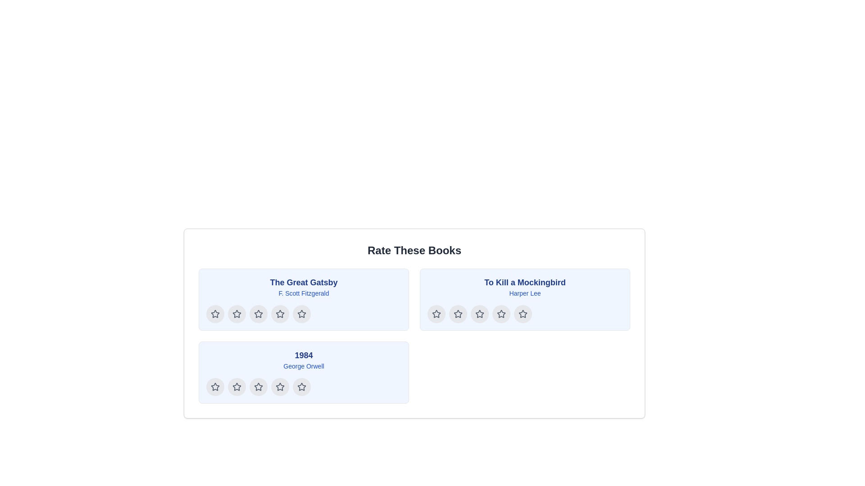 This screenshot has width=865, height=486. Describe the element at coordinates (458, 314) in the screenshot. I see `the second star-shaped icon in the row of five stars below the title 'To Kill a Mockingbird'` at that location.